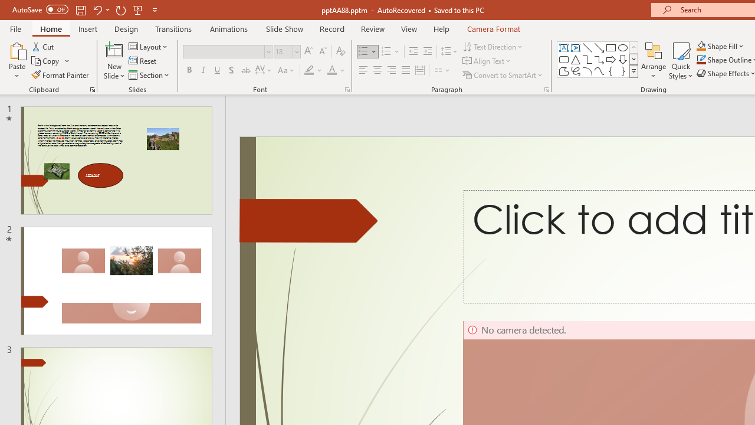 This screenshot has height=425, width=755. Describe the element at coordinates (441, 28) in the screenshot. I see `'Help'` at that location.